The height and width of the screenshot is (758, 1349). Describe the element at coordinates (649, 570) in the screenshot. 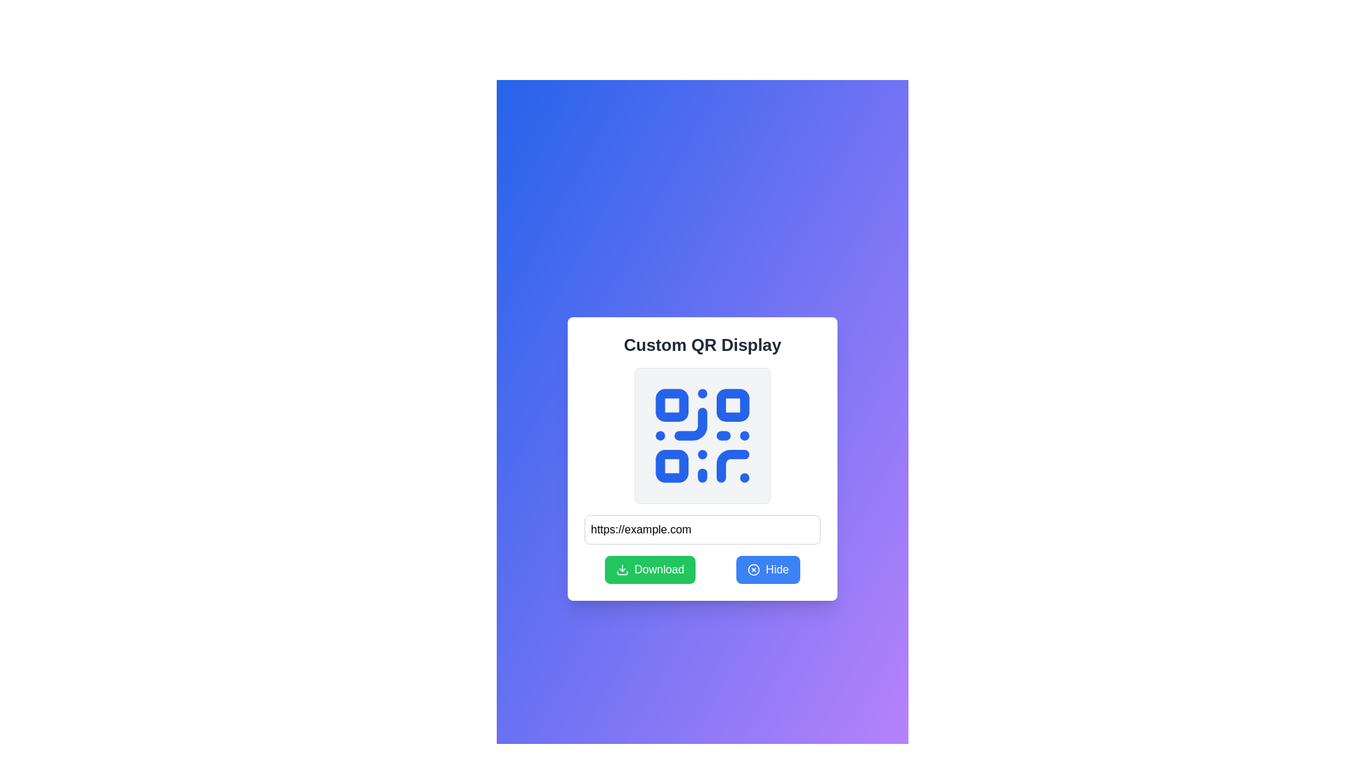

I see `the green 'Download' button with white text and a download icon` at that location.